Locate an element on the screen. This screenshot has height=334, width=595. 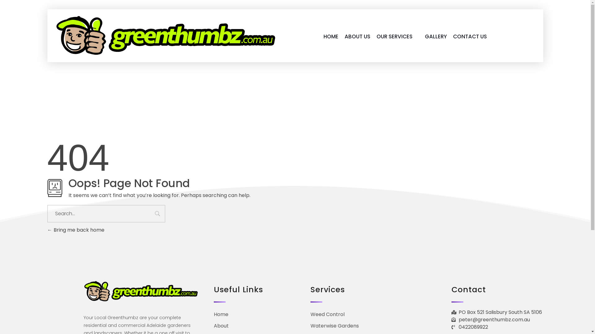
'About' is located at coordinates (221, 325).